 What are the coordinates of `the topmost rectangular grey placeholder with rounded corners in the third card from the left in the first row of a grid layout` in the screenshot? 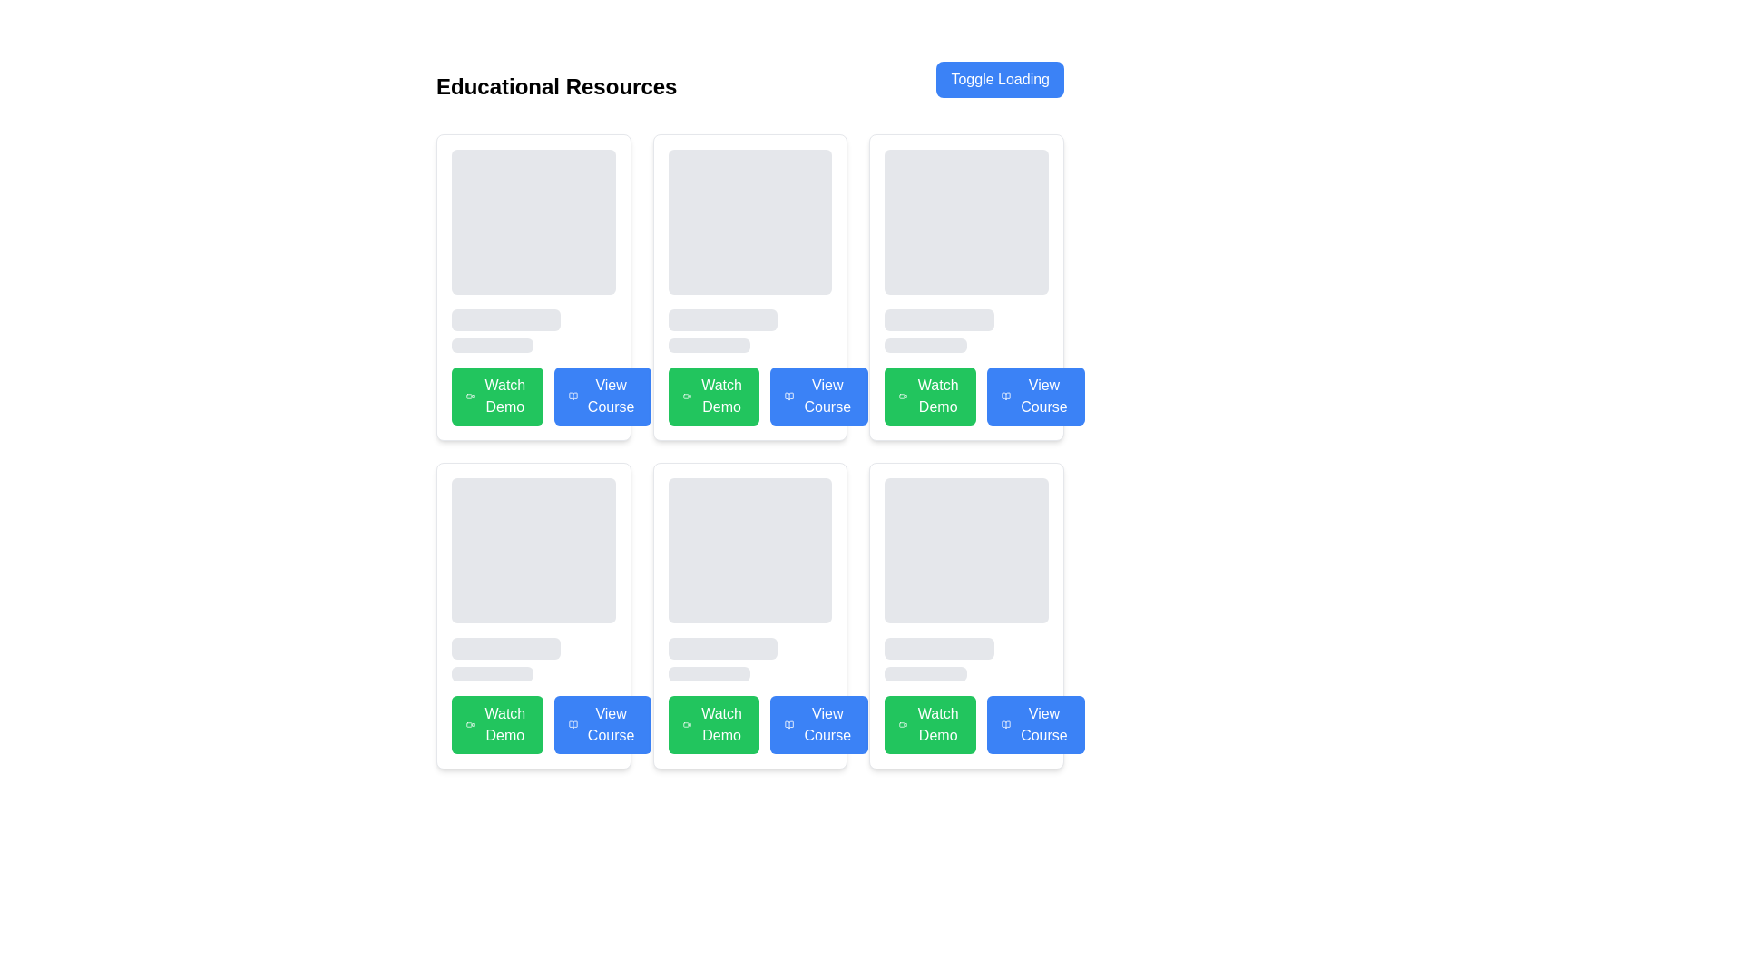 It's located at (965, 251).